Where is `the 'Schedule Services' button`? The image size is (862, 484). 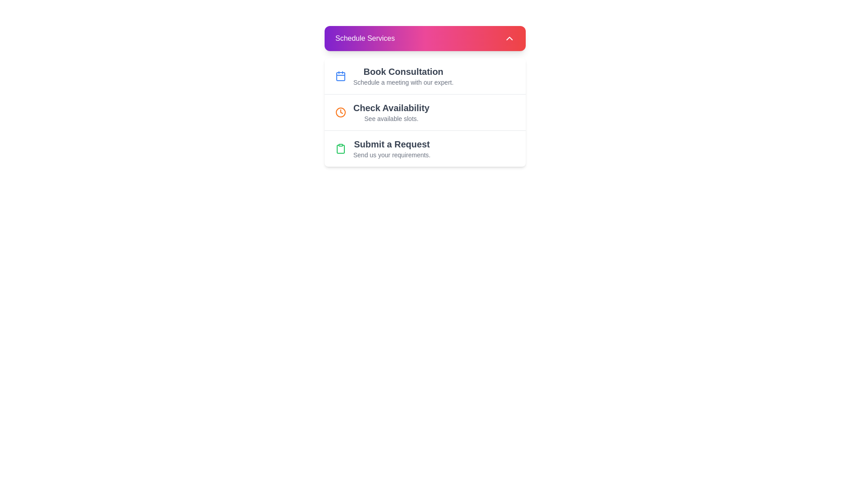 the 'Schedule Services' button is located at coordinates (424, 38).